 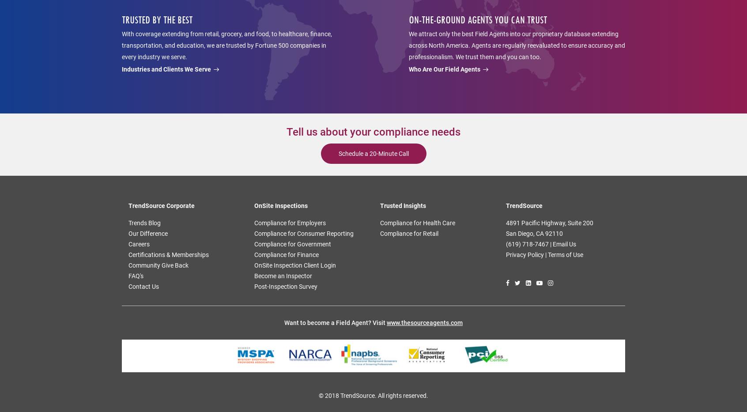 I want to click on 'Visit', so click(x=379, y=321).